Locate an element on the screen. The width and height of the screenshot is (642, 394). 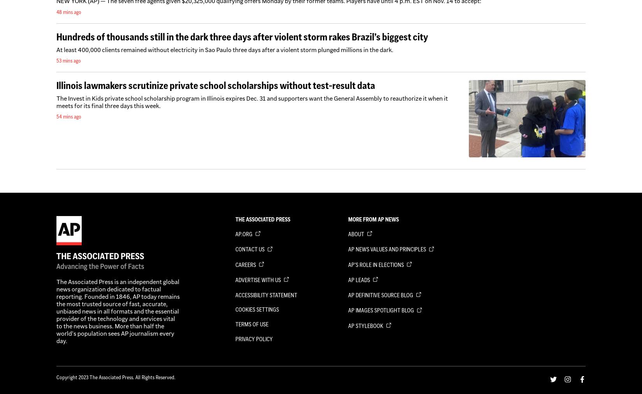
'Illinois lawmakers scrutinize private school scholarships without test-result data' is located at coordinates (215, 85).